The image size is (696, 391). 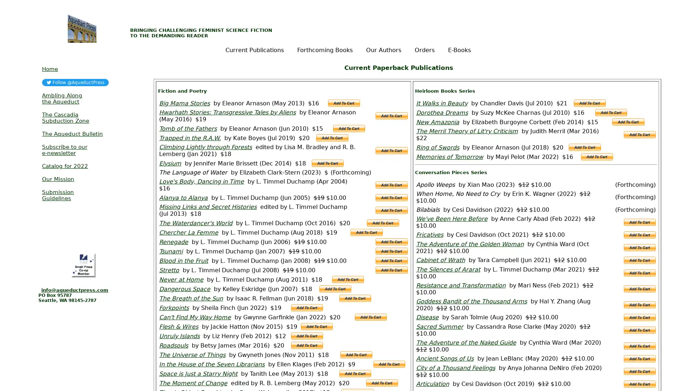 I want to click on Make payments with PayPal - it\'s fast, free and secure!, so click(x=306, y=345).